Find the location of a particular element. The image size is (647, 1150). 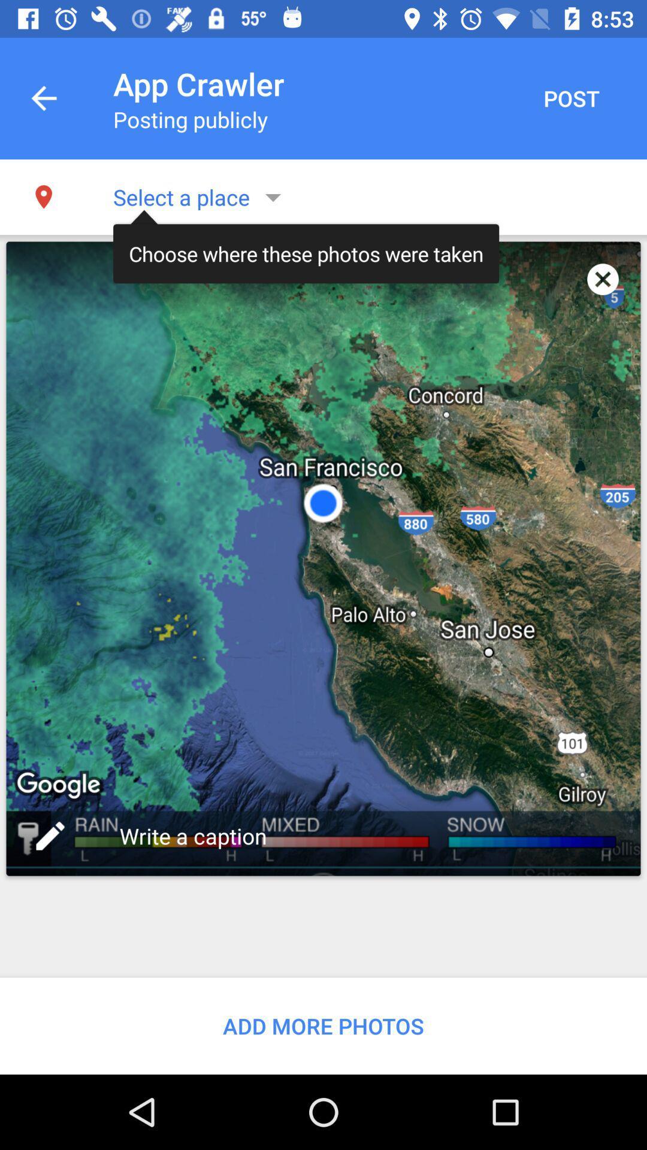

add more photos app is located at coordinates (323, 1025).